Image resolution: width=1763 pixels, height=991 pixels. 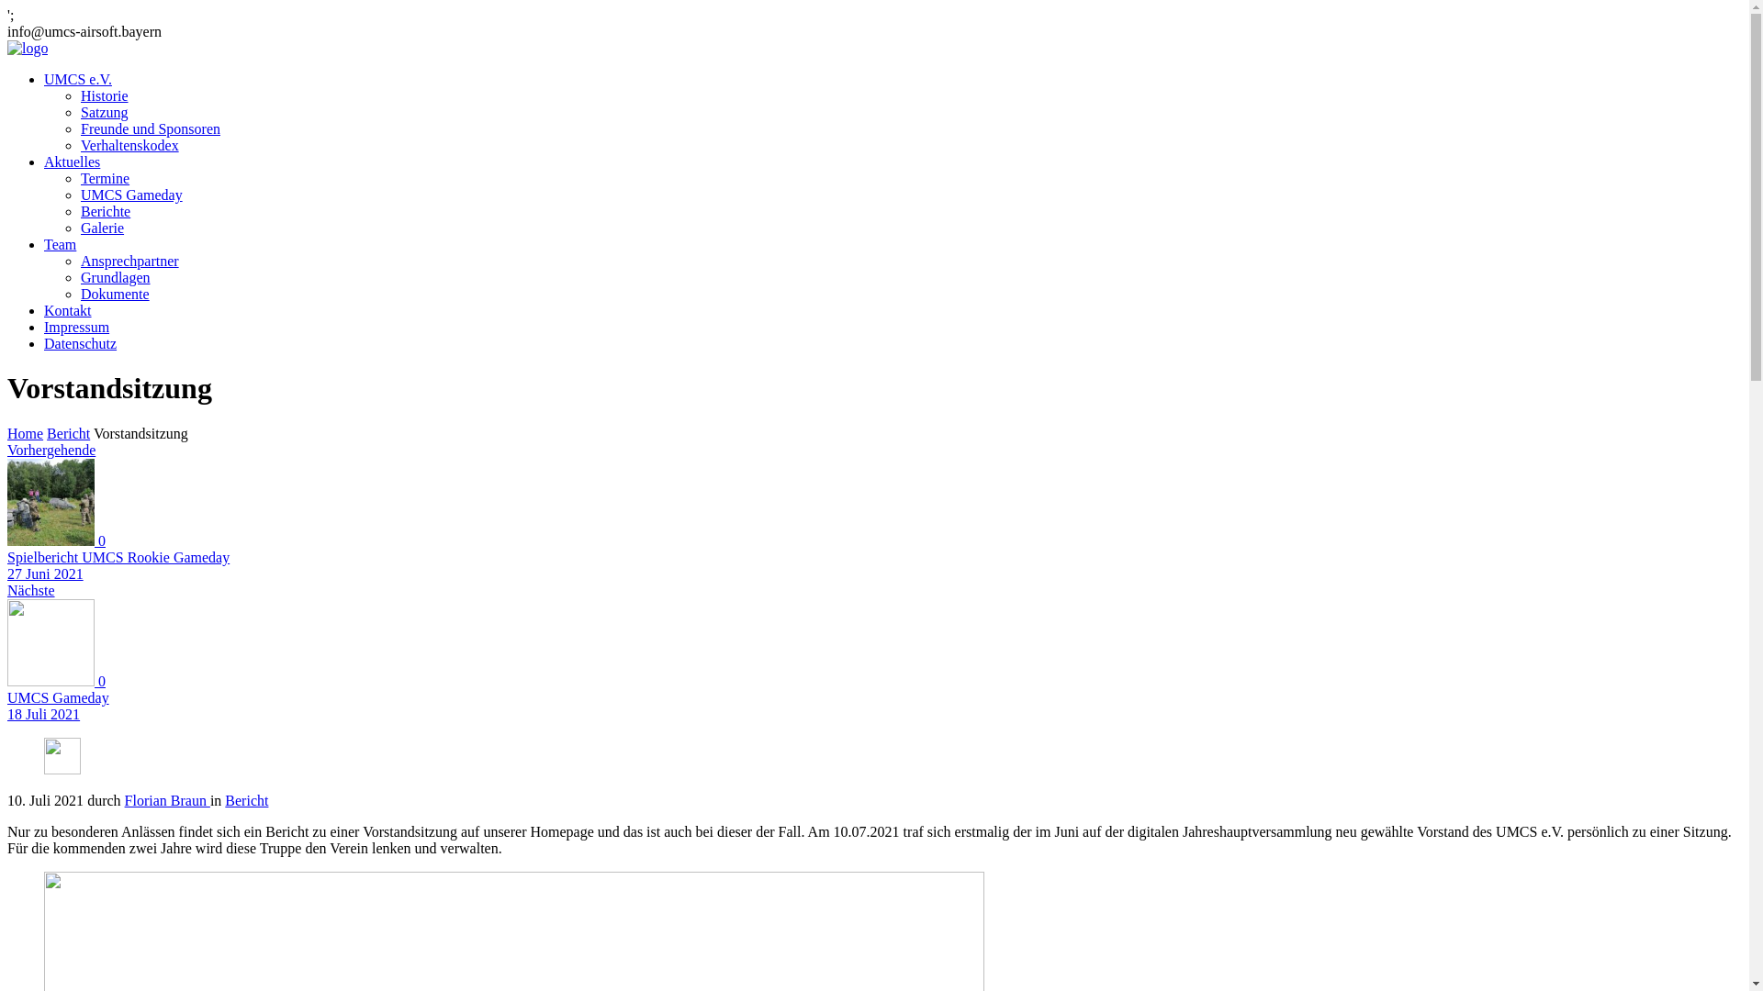 What do you see at coordinates (104, 95) in the screenshot?
I see `'Historie'` at bounding box center [104, 95].